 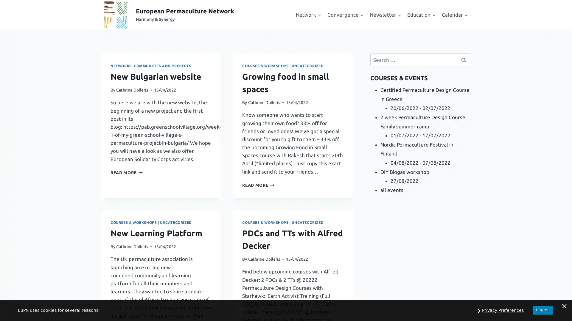 What do you see at coordinates (308, 14) in the screenshot?
I see `Expand child menu` at bounding box center [308, 14].